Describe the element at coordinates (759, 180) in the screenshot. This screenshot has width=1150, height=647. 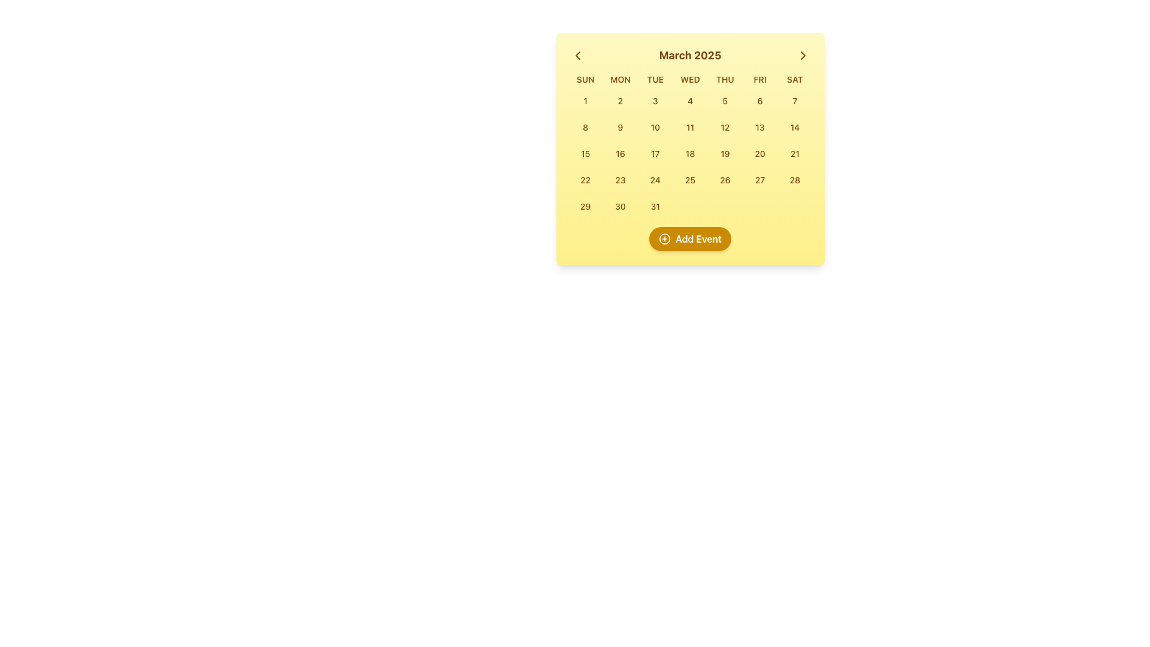
I see `the date item '27' in the calendar interface` at that location.